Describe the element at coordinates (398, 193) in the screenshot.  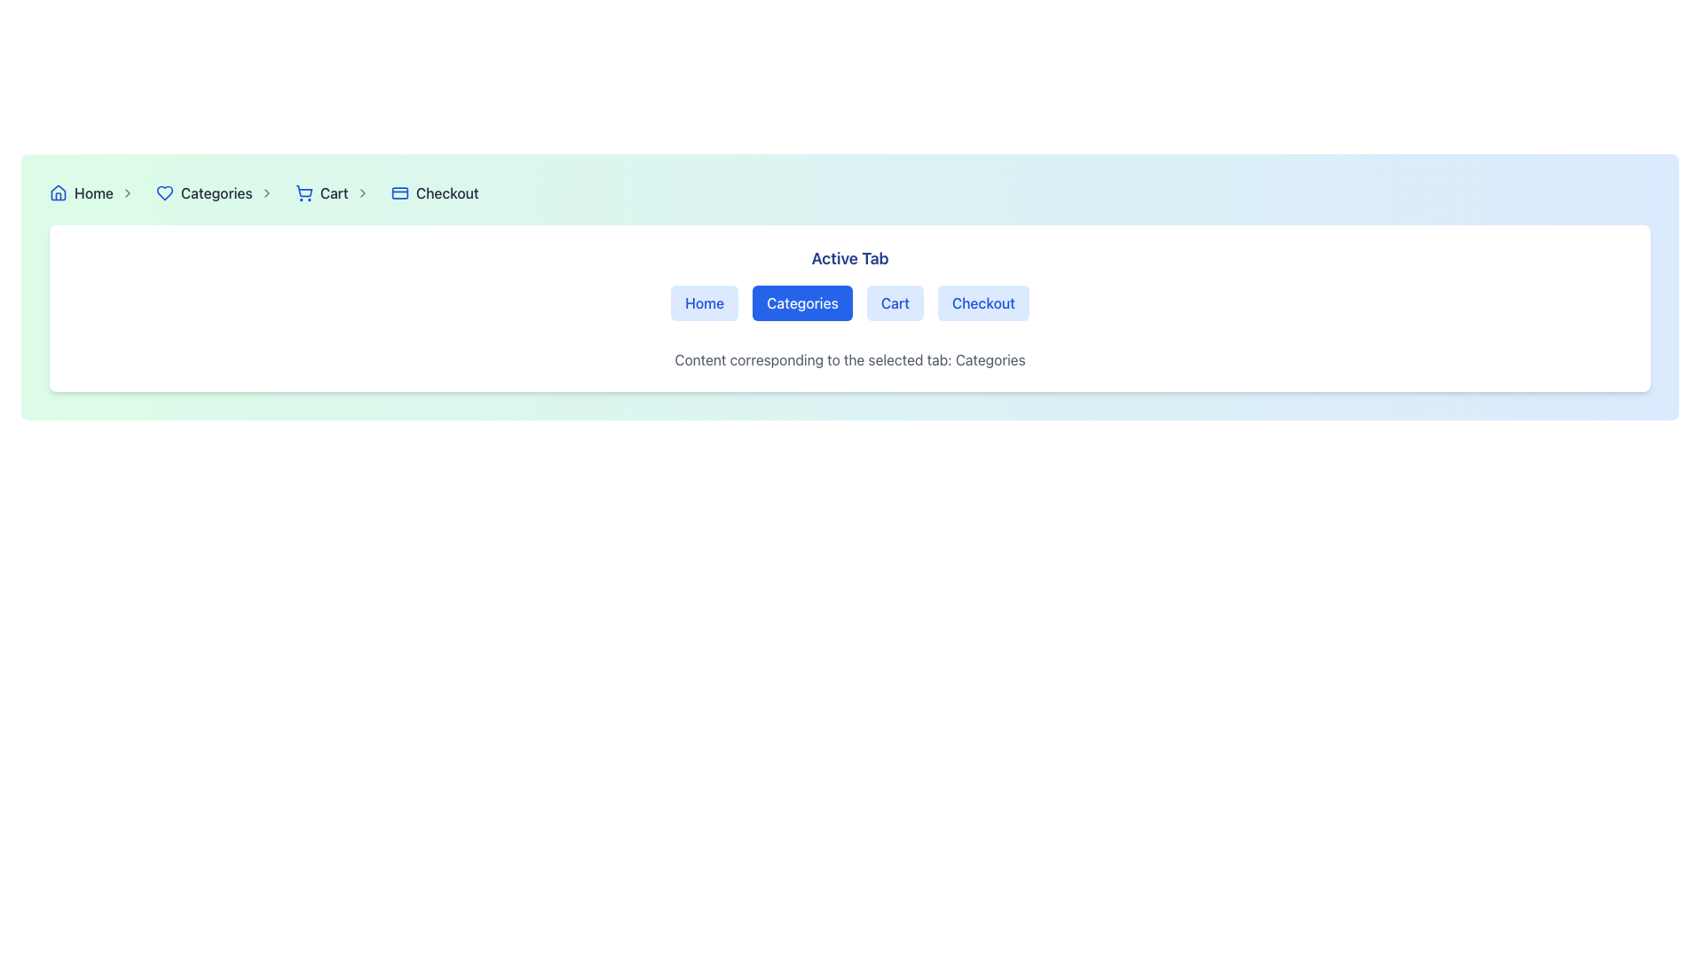
I see `the 'Checkout' icon represented by a credit card in the breadcrumb navigation bar, located between the cart icon and the 'Checkout' text` at that location.